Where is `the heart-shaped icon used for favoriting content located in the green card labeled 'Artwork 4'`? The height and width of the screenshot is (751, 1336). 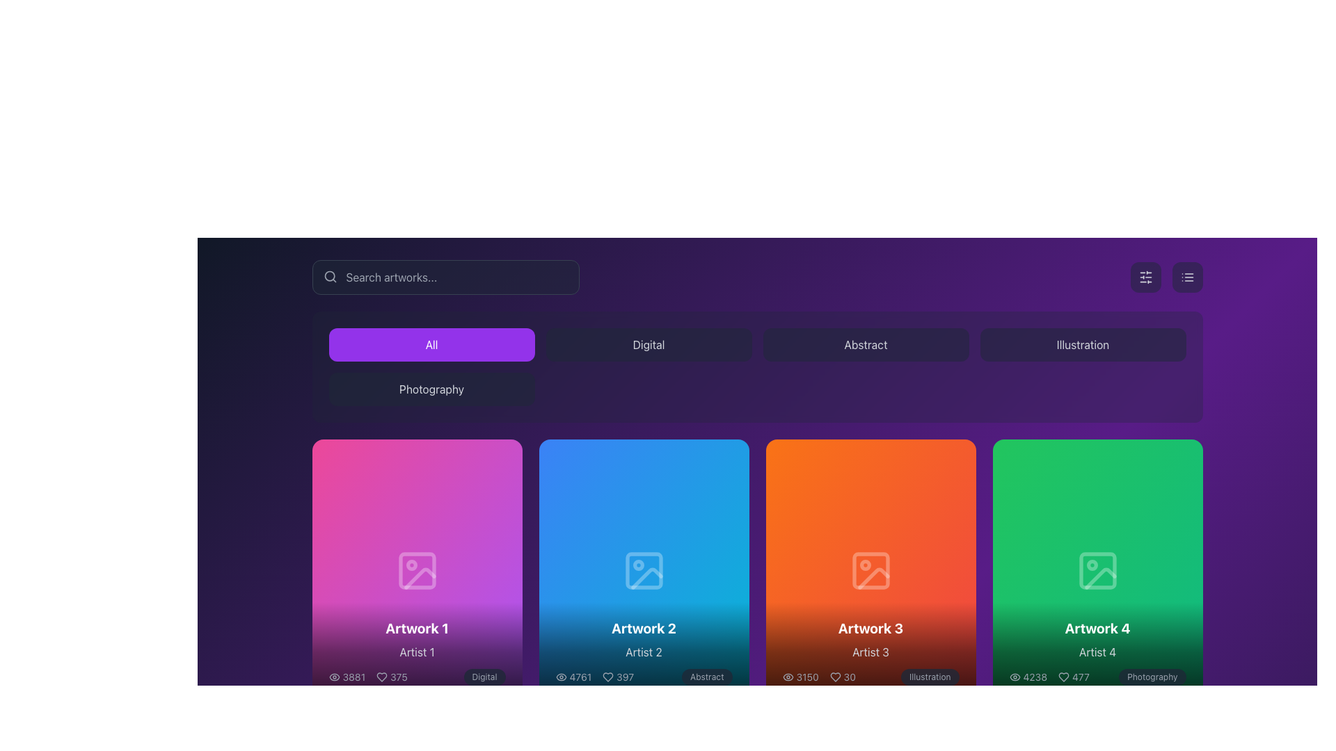
the heart-shaped icon used for favoriting content located in the green card labeled 'Artwork 4' is located at coordinates (1056, 570).